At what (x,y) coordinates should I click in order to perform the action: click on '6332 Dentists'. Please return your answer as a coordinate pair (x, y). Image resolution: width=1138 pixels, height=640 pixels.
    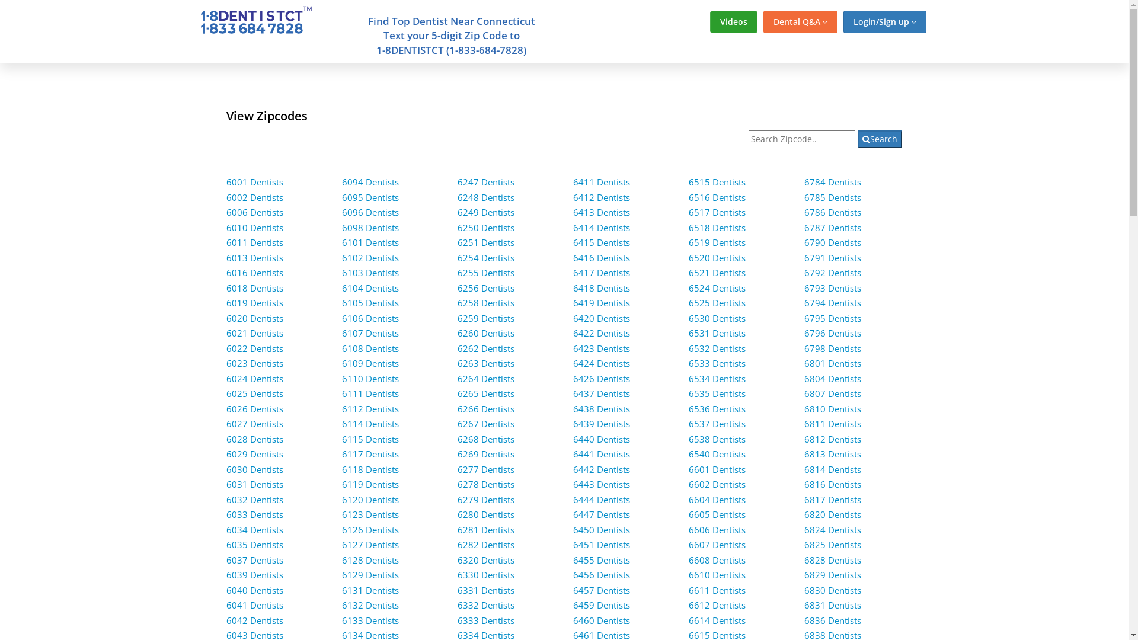
    Looking at the image, I should click on (486, 605).